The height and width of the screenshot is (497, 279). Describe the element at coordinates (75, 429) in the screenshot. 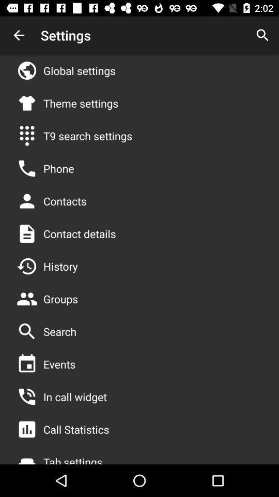

I see `the app above the tab settings icon` at that location.